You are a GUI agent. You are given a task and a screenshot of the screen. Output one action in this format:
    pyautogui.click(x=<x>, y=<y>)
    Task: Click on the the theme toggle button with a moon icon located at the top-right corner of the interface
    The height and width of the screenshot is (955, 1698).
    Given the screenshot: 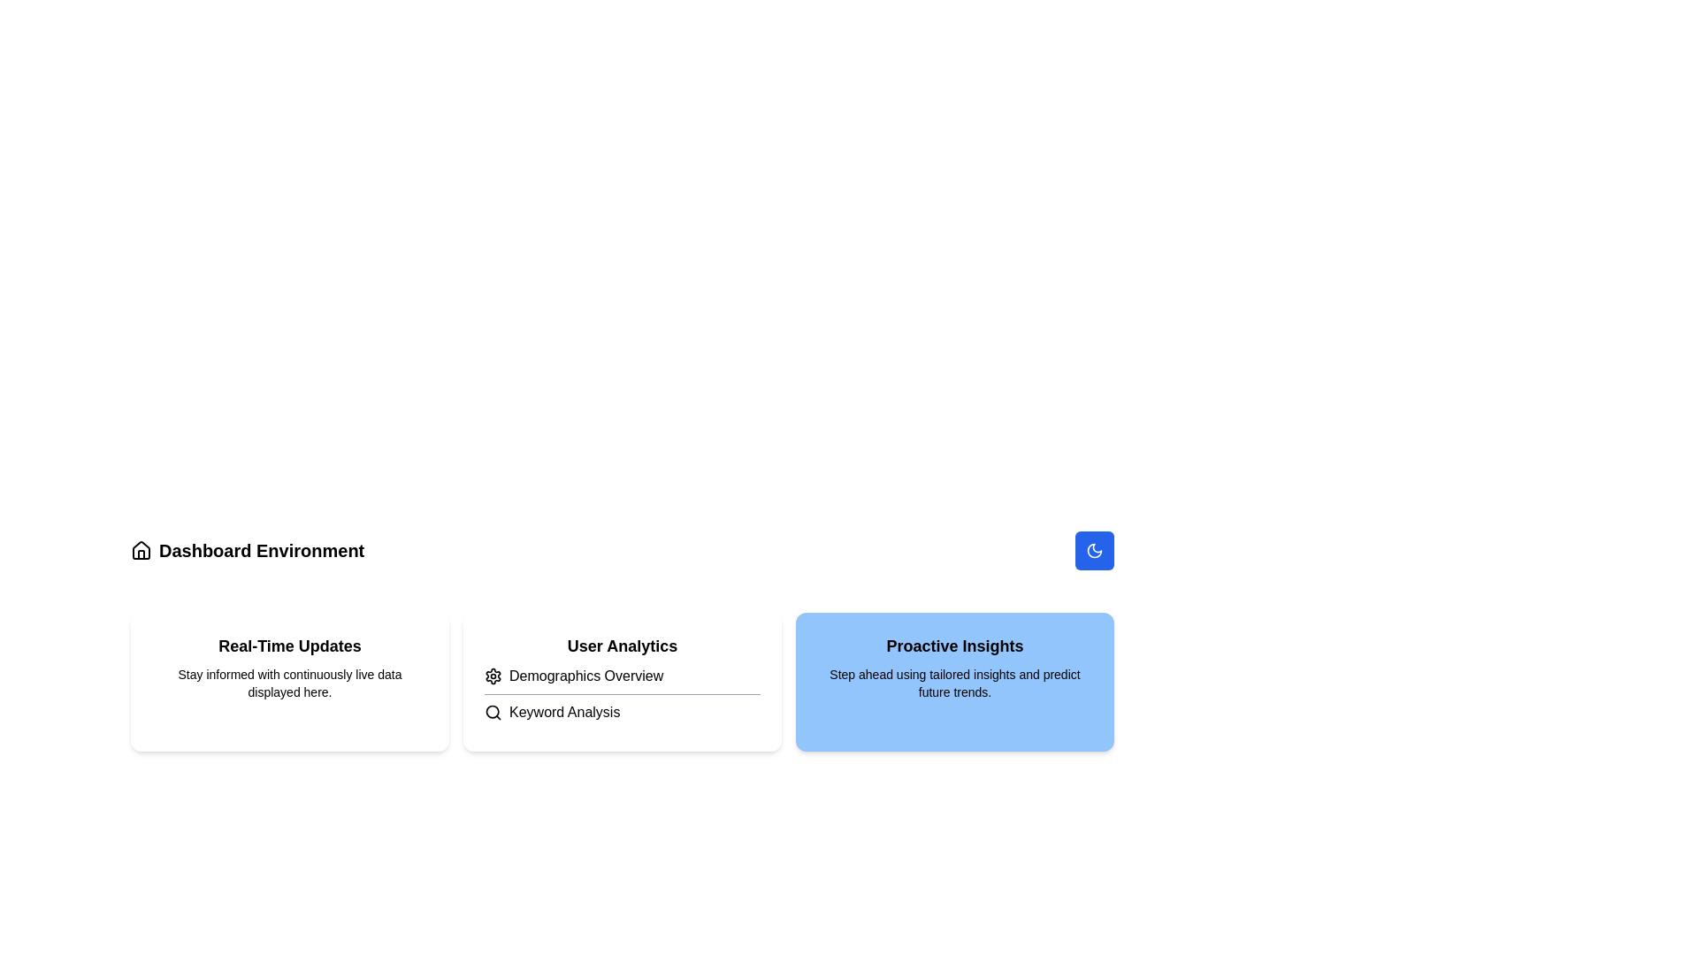 What is the action you would take?
    pyautogui.click(x=1094, y=550)
    